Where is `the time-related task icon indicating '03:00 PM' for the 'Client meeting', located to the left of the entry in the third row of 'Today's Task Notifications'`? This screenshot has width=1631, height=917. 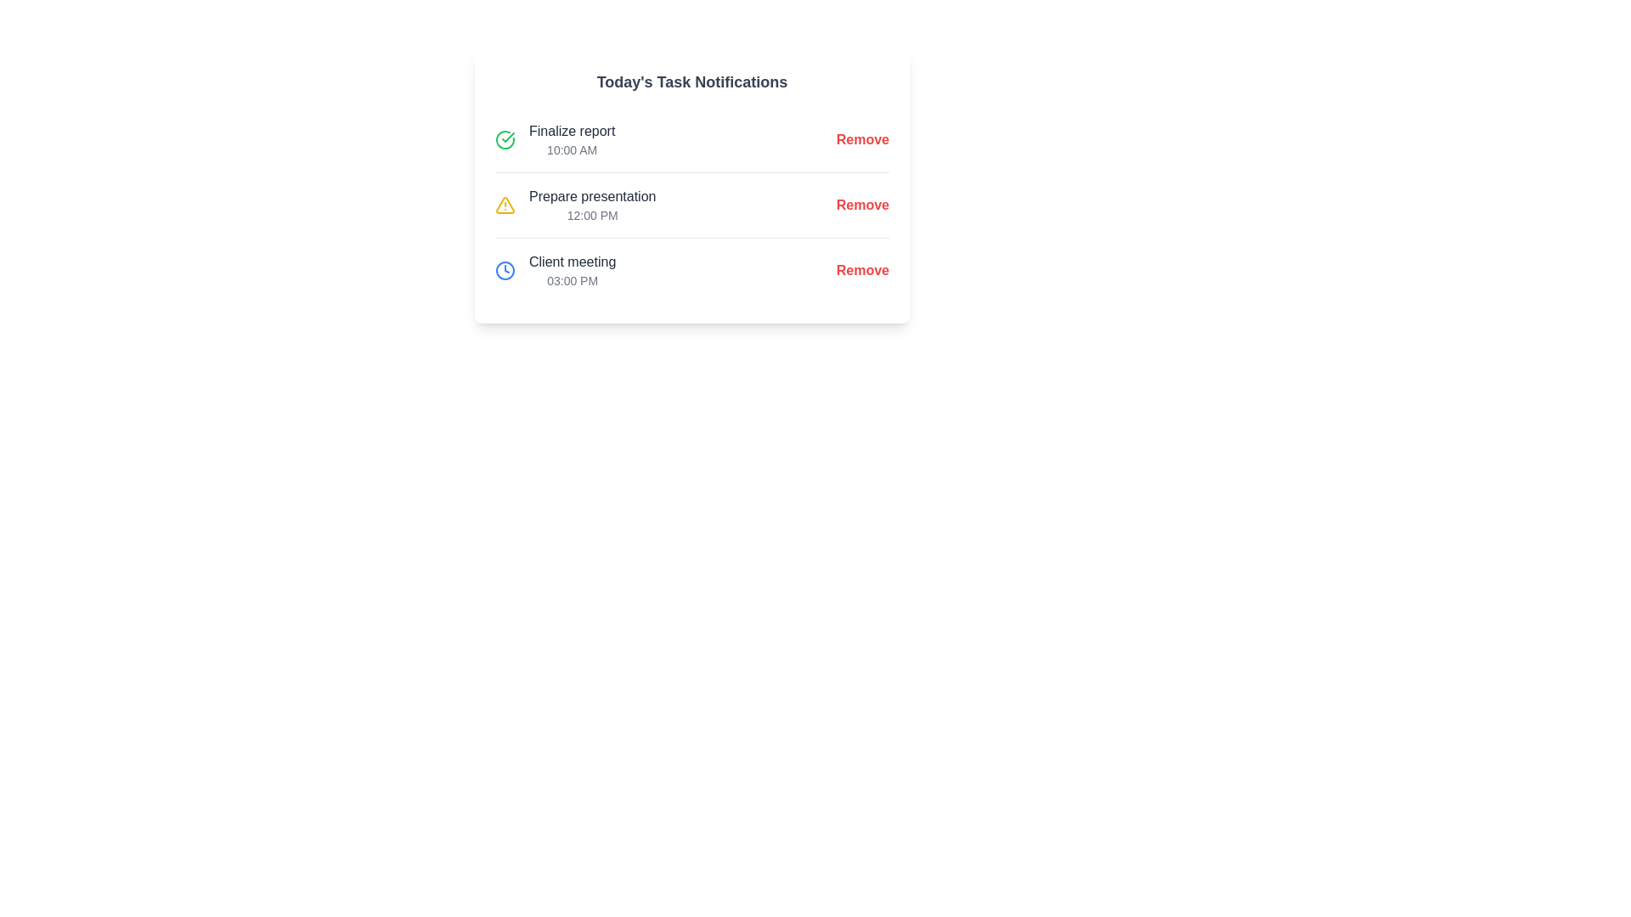 the time-related task icon indicating '03:00 PM' for the 'Client meeting', located to the left of the entry in the third row of 'Today's Task Notifications' is located at coordinates (505, 270).